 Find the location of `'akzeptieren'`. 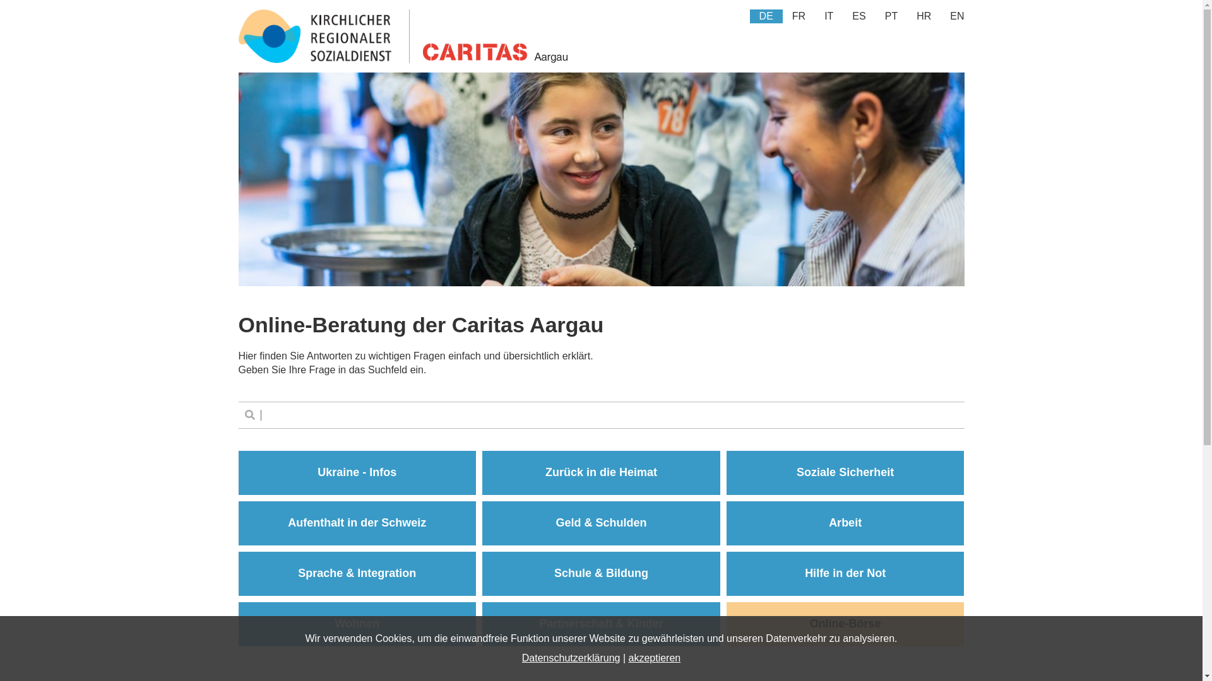

'akzeptieren' is located at coordinates (654, 657).